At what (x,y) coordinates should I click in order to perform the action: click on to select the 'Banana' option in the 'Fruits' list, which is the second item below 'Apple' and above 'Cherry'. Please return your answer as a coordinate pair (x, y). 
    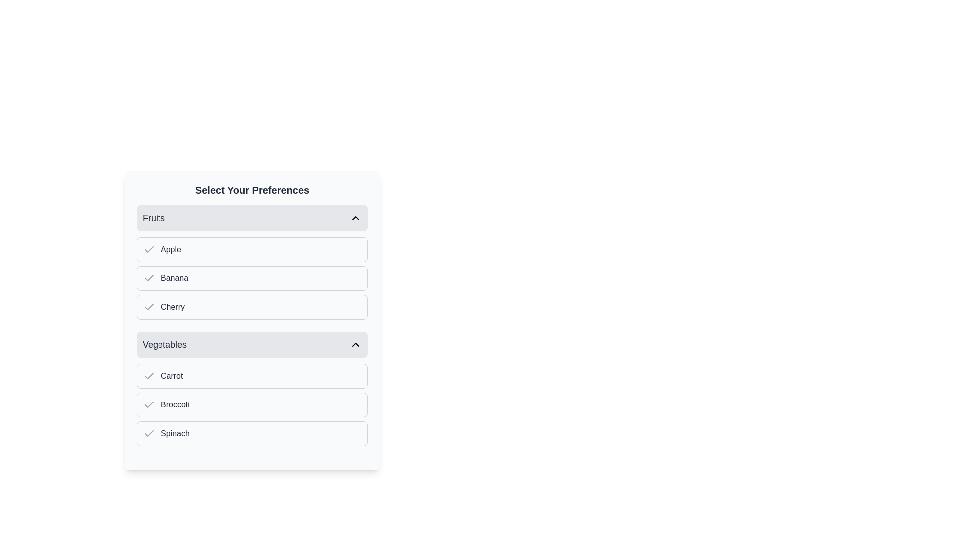
    Looking at the image, I should click on (252, 278).